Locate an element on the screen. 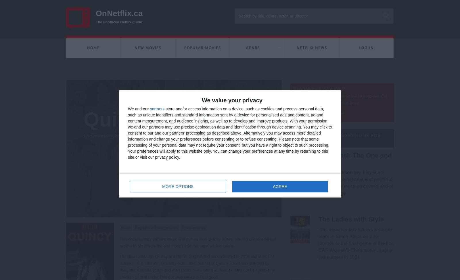  'Register' is located at coordinates (281, 173).